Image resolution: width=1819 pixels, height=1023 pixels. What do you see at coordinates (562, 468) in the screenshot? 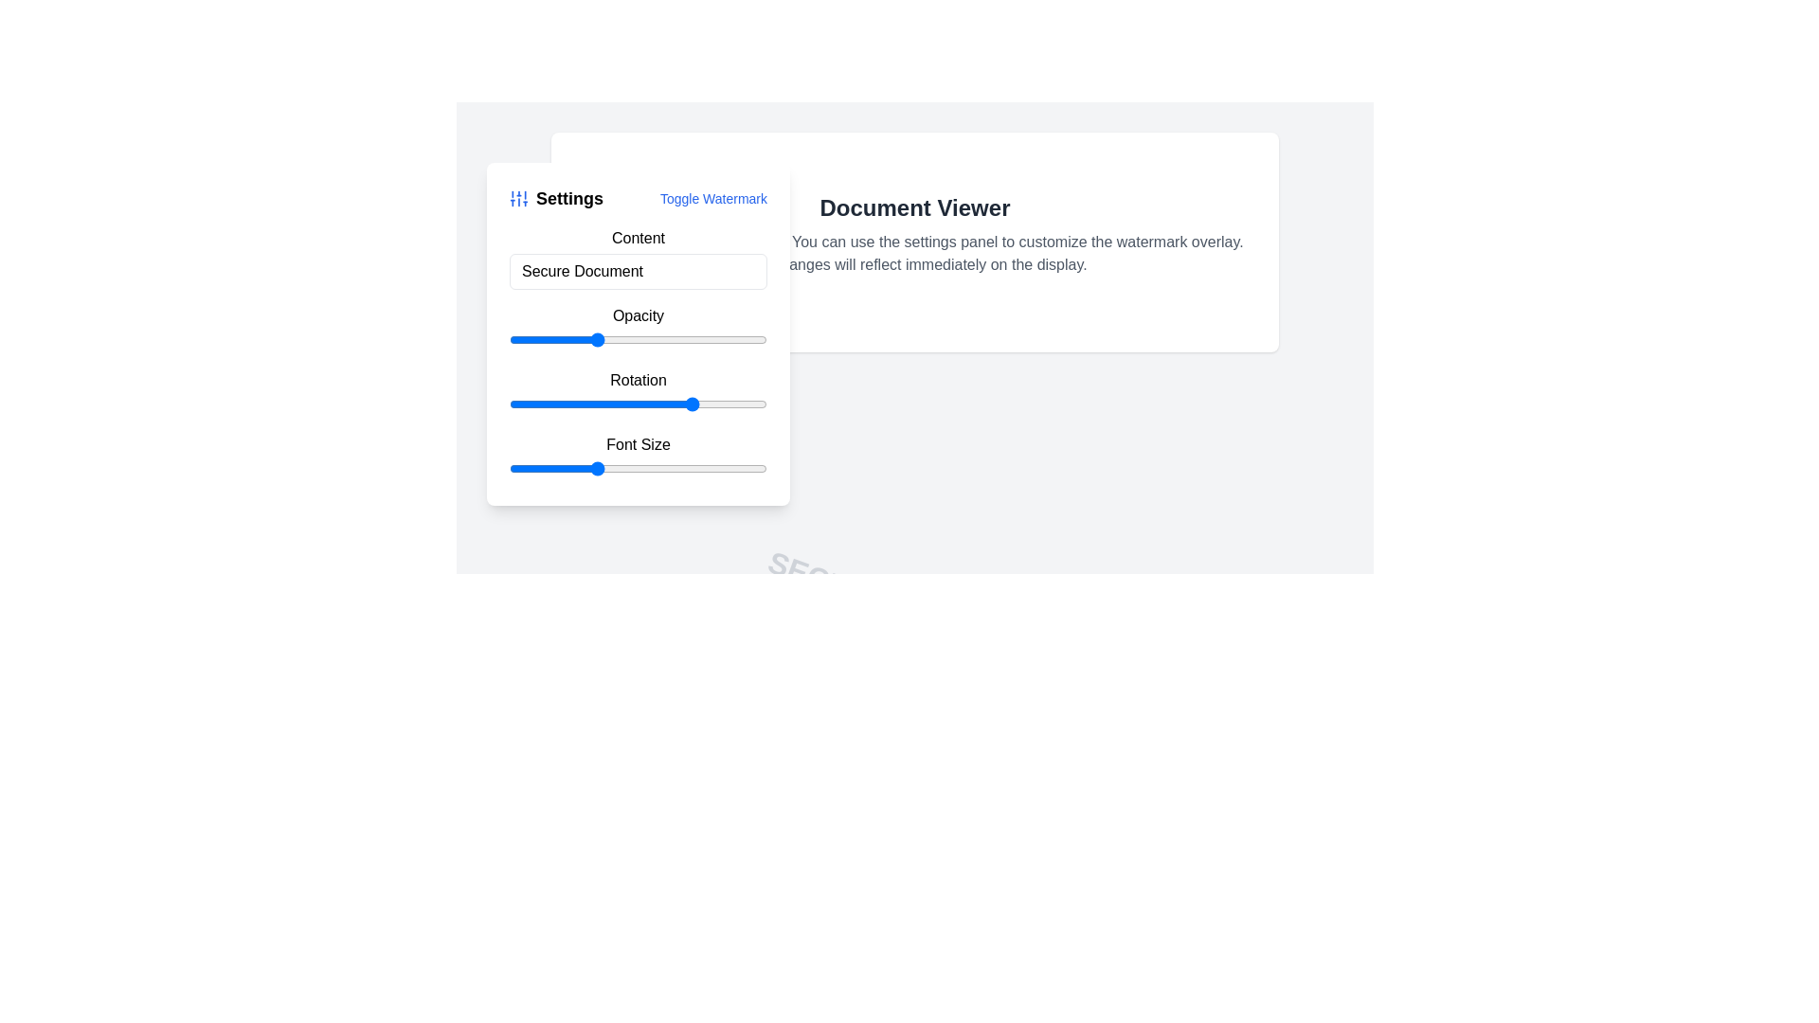
I see `the font size` at bounding box center [562, 468].